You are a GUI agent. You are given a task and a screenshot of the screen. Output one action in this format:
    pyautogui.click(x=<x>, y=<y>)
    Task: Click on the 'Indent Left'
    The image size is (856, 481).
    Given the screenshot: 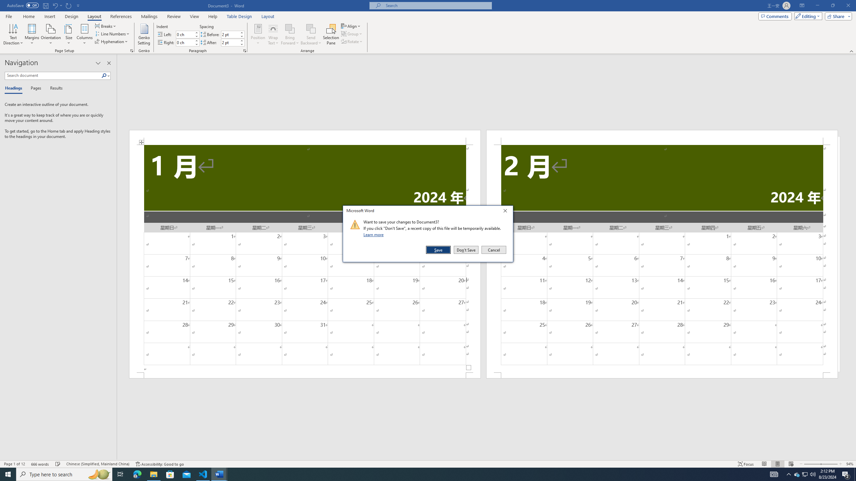 What is the action you would take?
    pyautogui.click(x=184, y=34)
    